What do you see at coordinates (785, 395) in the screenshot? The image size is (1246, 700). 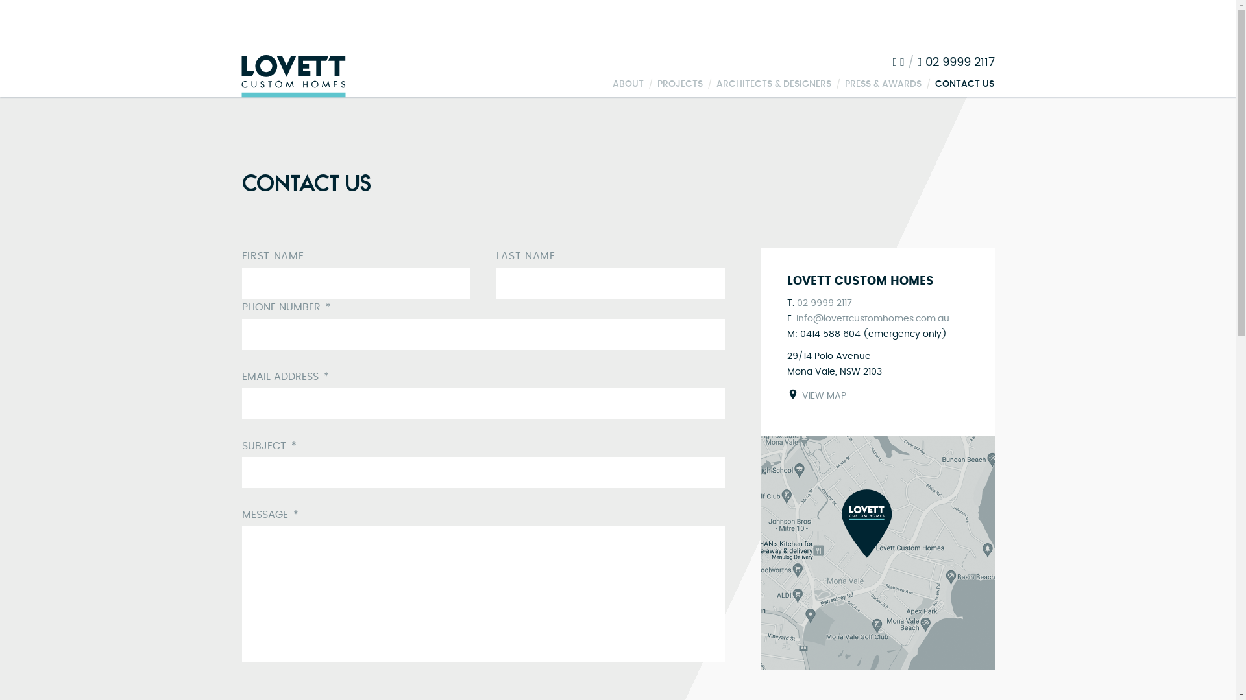 I see `'VIEW MAP'` at bounding box center [785, 395].